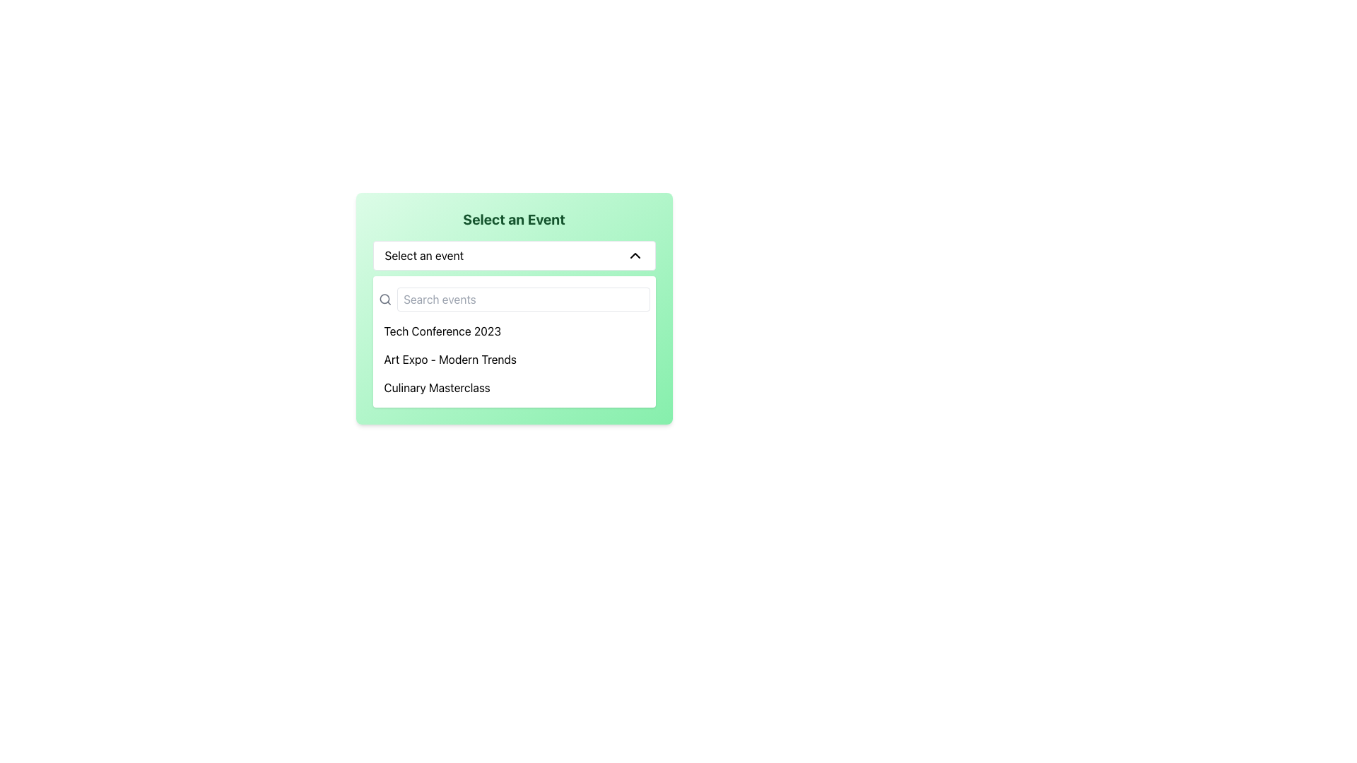 This screenshot has width=1357, height=763. I want to click on the dropdown menu item labeled 'Tech Conference 2023', so click(513, 331).